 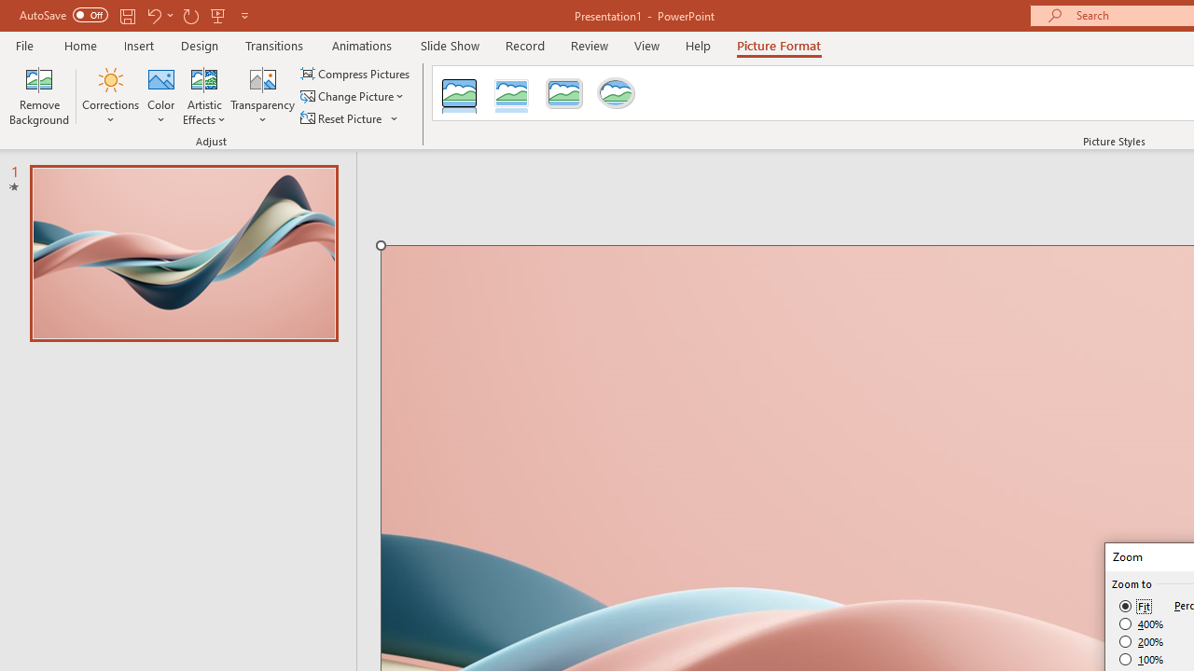 I want to click on 'Compress Pictures...', so click(x=356, y=73).